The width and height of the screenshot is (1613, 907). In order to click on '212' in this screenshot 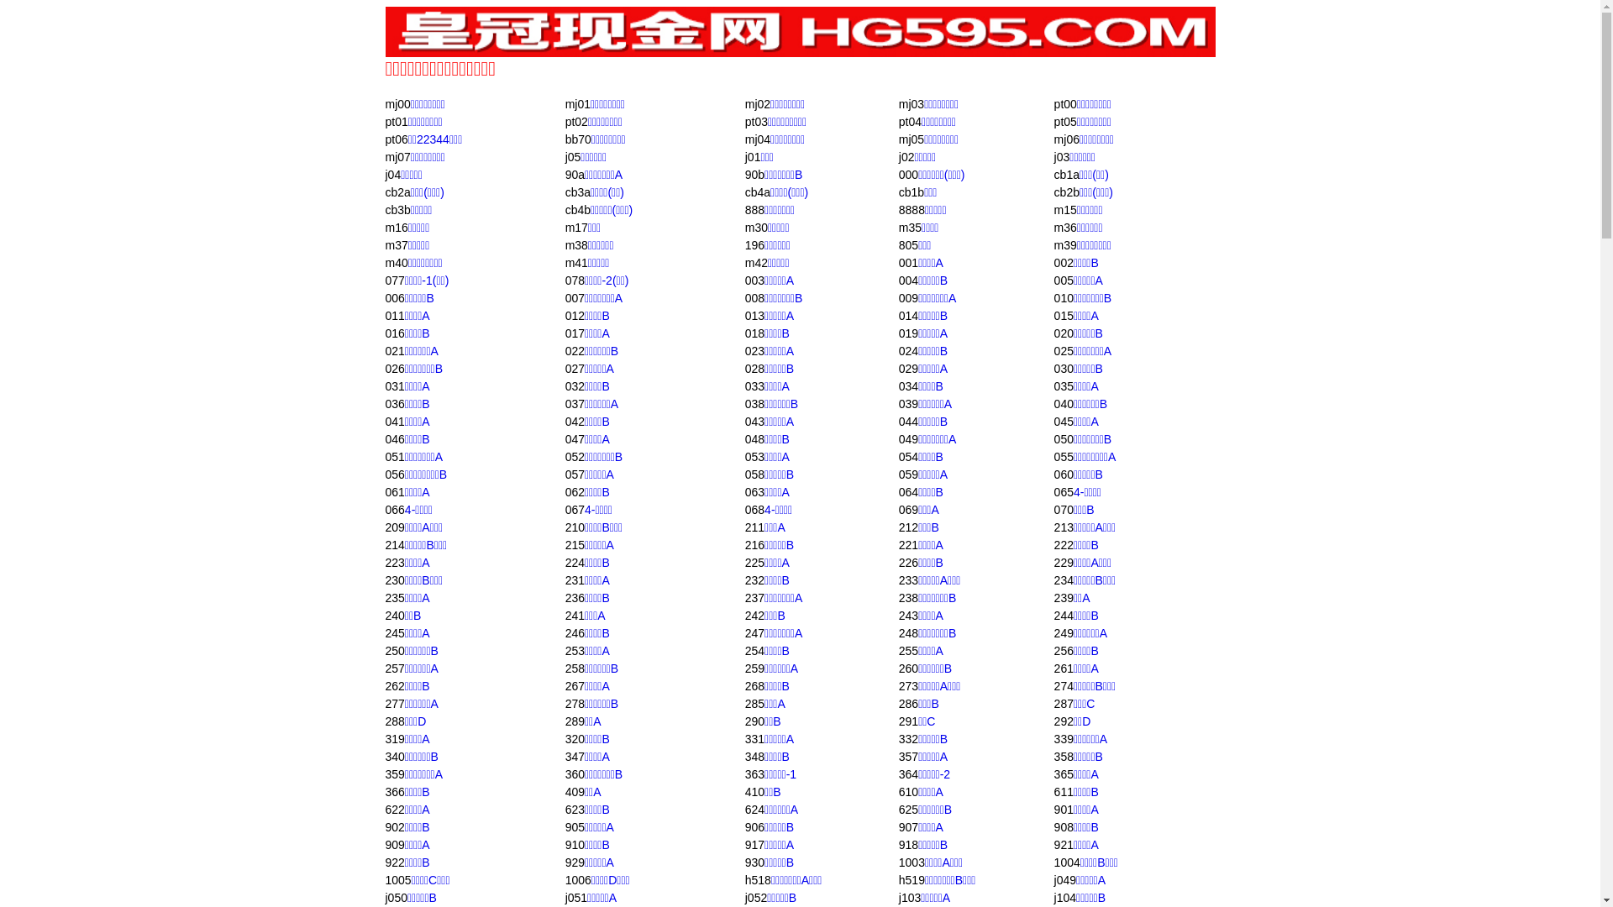, I will do `click(907, 527)`.